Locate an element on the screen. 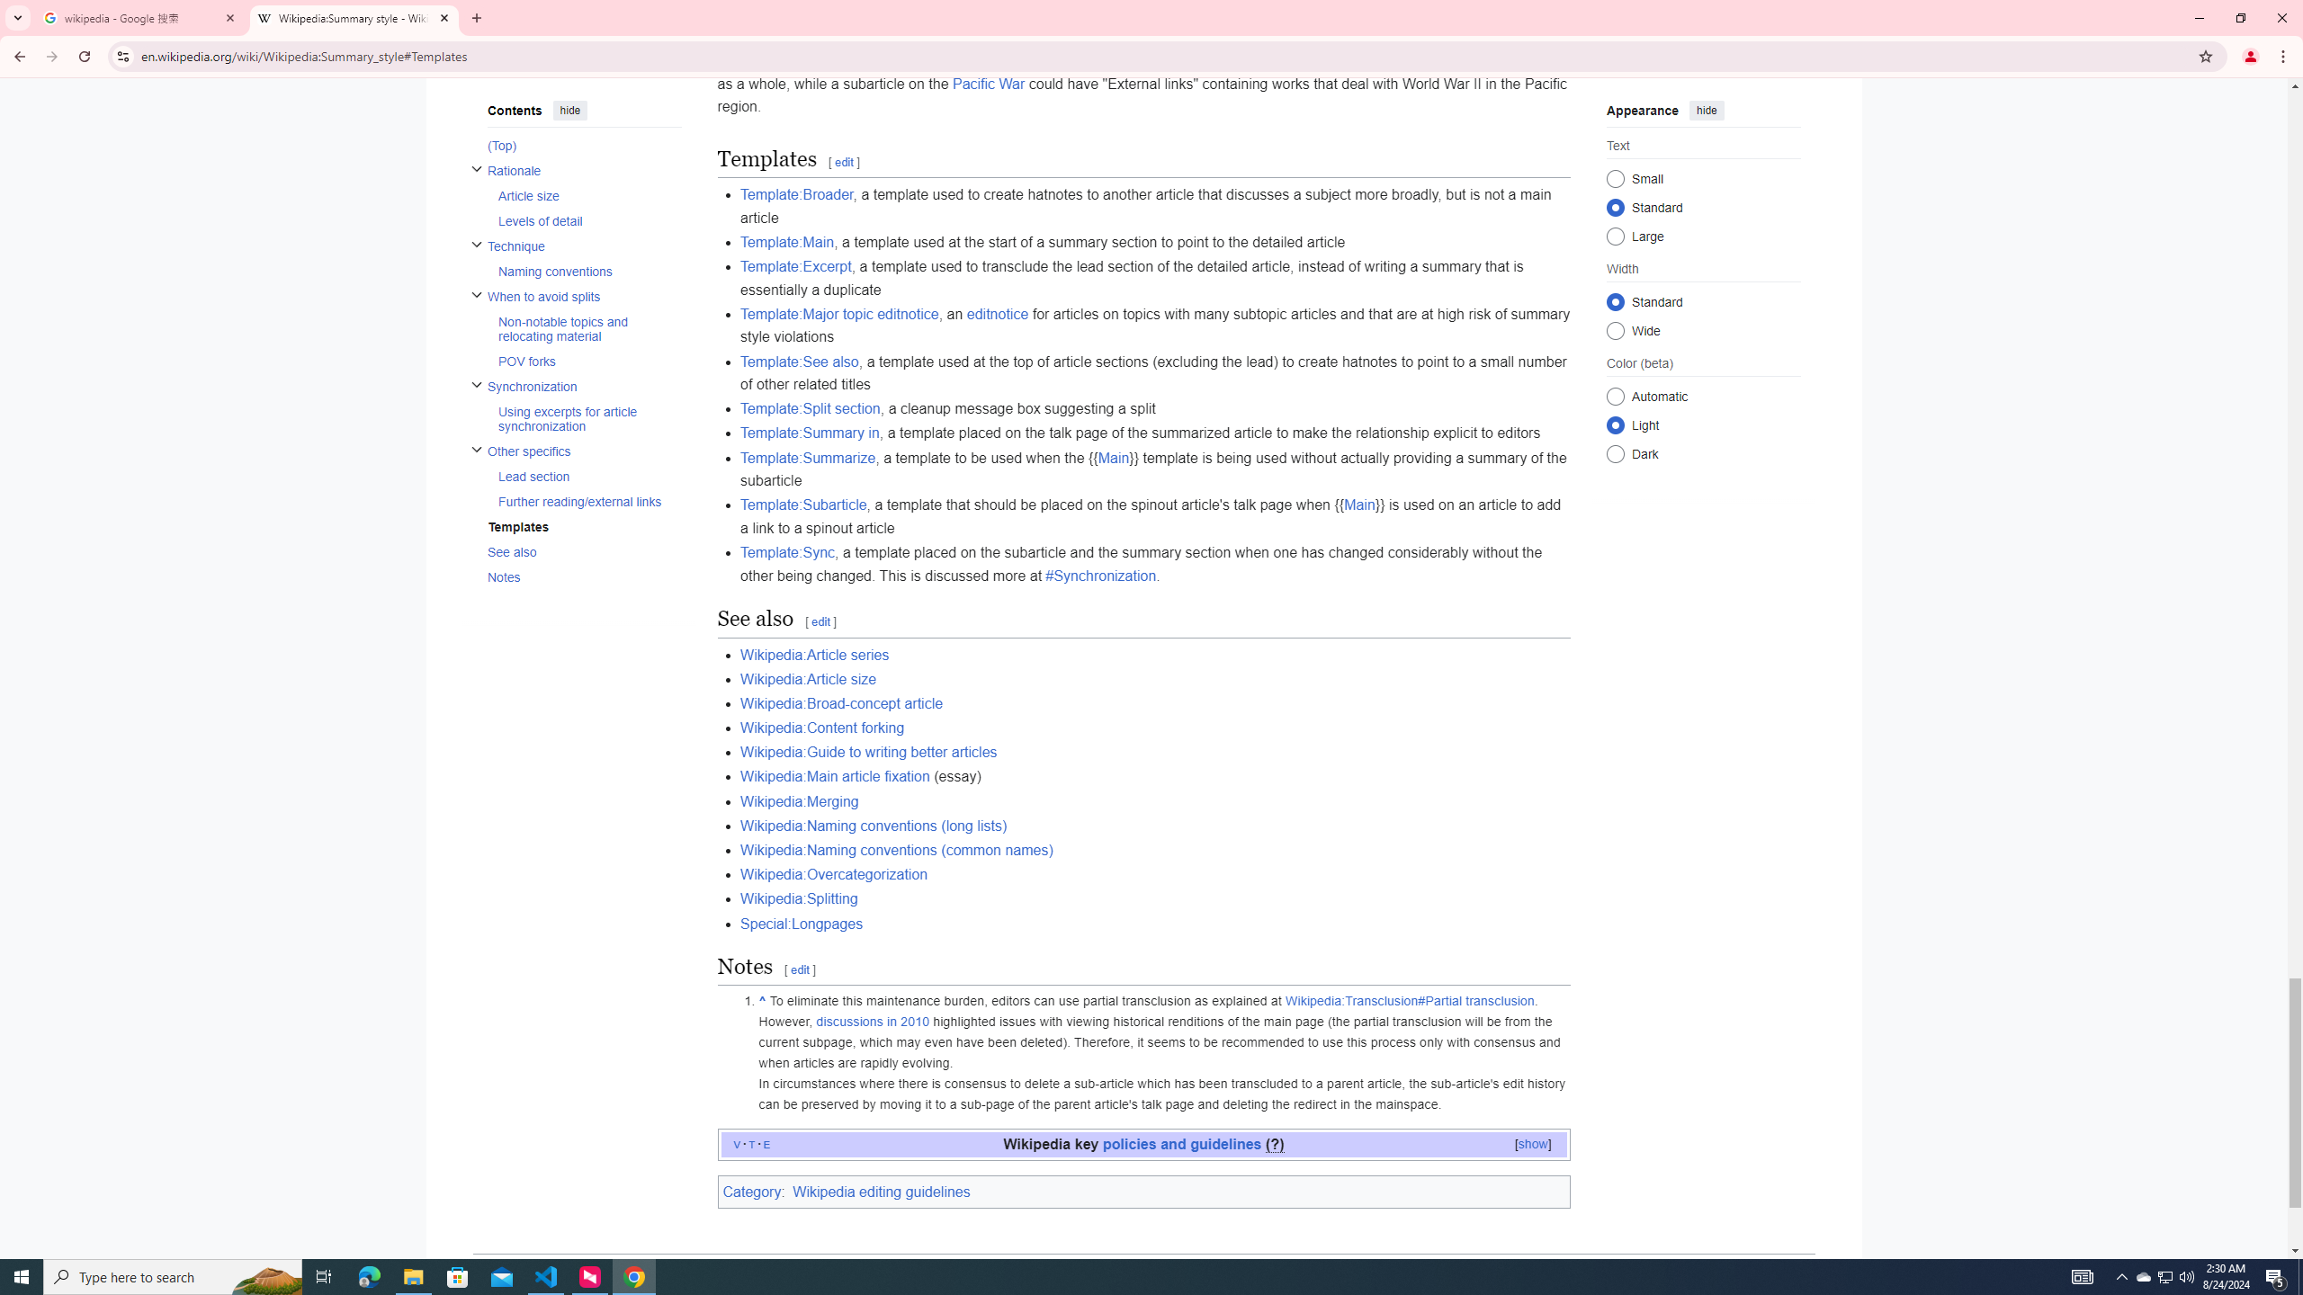 The height and width of the screenshot is (1295, 2303). 'Template:Major topic editnotice' is located at coordinates (839, 313).